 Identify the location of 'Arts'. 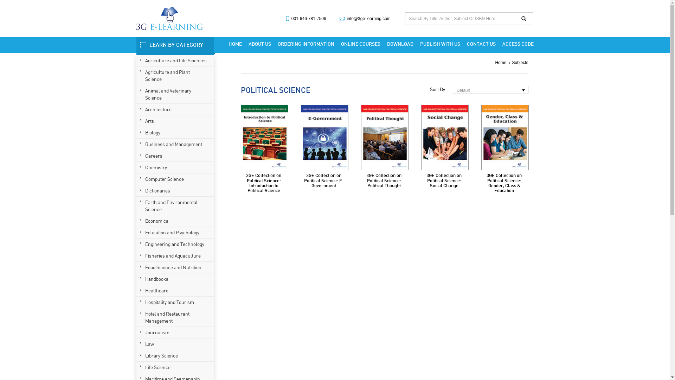
(175, 120).